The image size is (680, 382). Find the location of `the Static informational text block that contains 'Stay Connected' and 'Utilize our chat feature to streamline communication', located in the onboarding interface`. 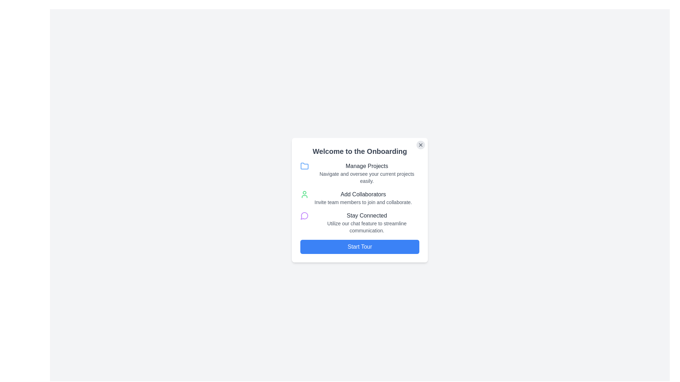

the Static informational text block that contains 'Stay Connected' and 'Utilize our chat feature to streamline communication', located in the onboarding interface is located at coordinates (367, 222).